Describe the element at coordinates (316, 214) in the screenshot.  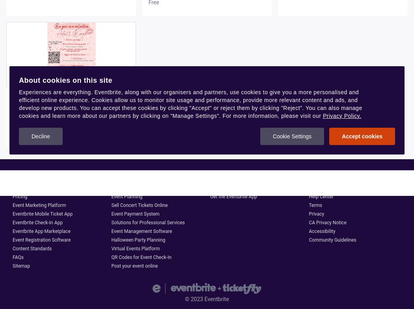
I see `'Privacy'` at that location.